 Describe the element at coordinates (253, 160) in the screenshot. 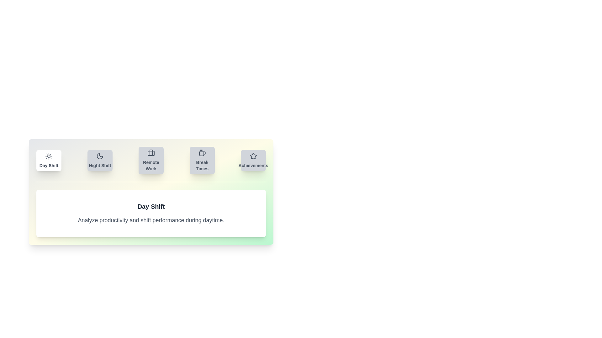

I see `the tab labeled Achievements to view its content` at that location.